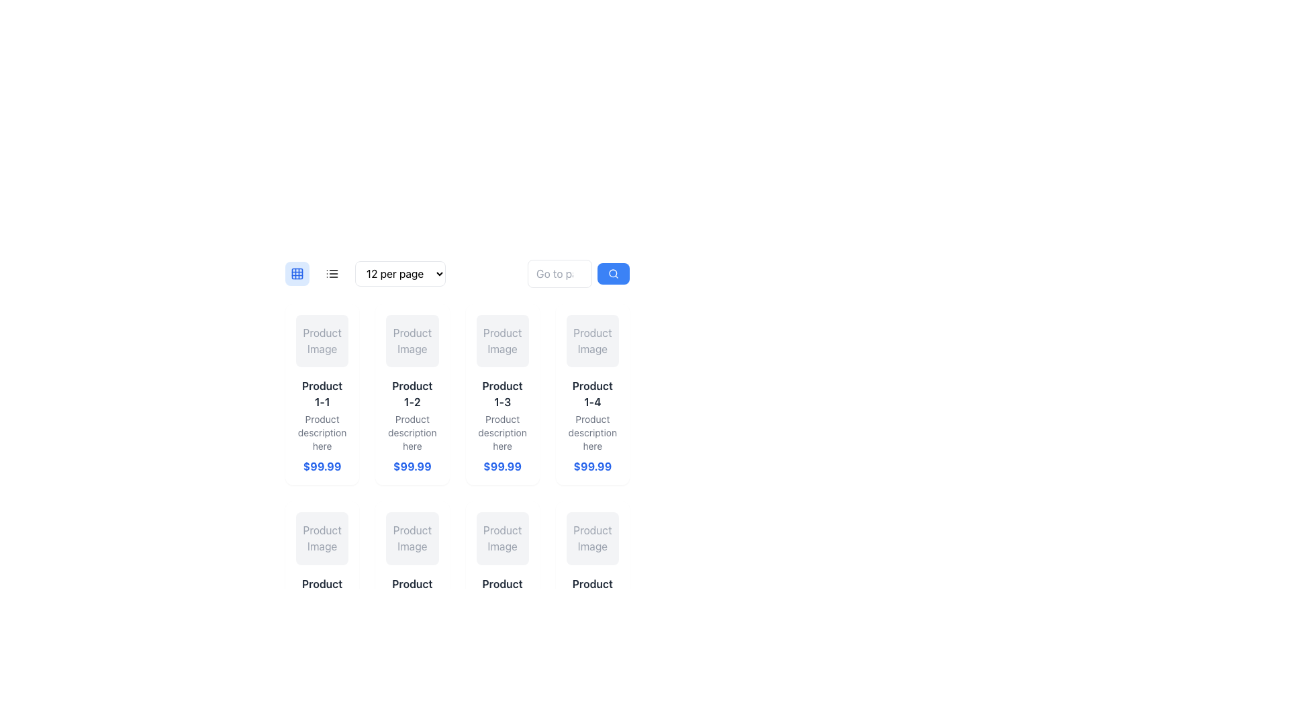  I want to click on the Card component that provides an overview of a product, positioned as the third item in the first row of the grid layout, so click(502, 394).